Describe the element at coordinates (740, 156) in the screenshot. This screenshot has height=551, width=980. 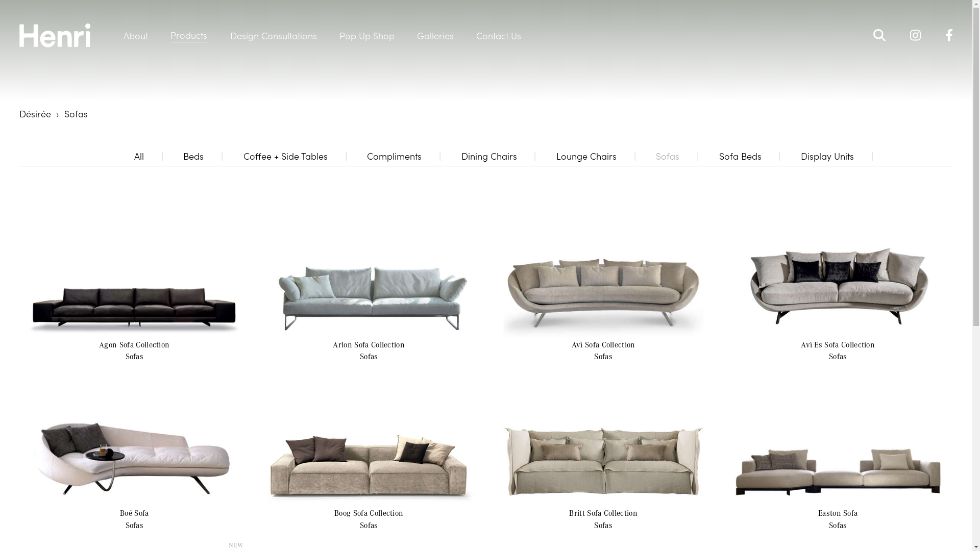
I see `'Sofa Beds'` at that location.